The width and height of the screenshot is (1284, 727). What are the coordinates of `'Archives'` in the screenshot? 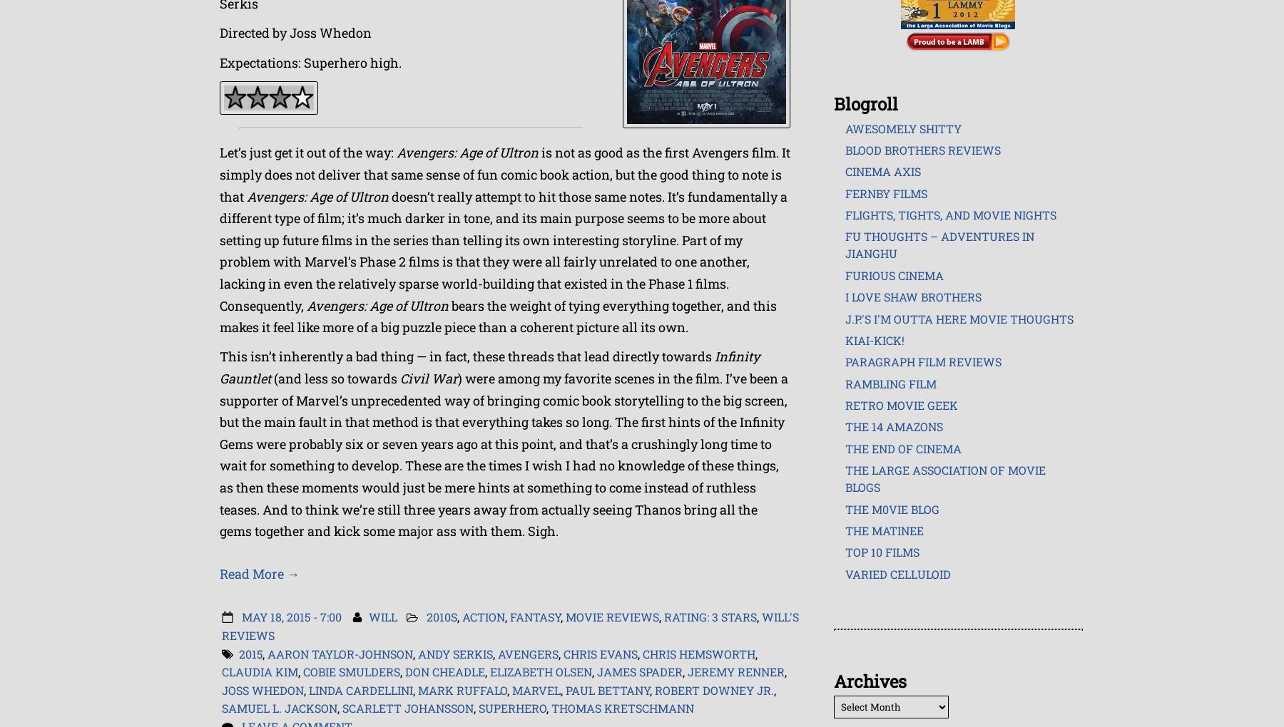 It's located at (868, 681).